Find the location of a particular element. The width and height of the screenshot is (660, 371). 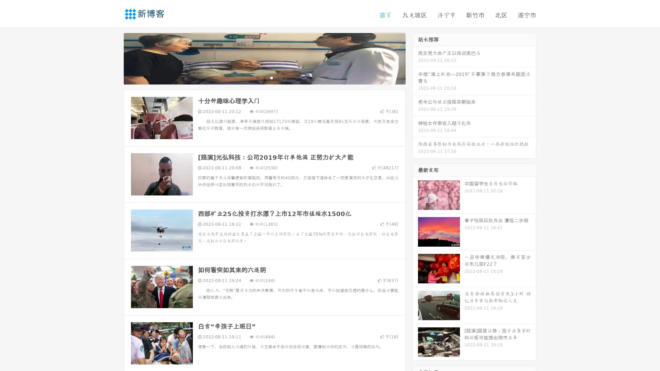

Go to slide 2 is located at coordinates (264, 77).